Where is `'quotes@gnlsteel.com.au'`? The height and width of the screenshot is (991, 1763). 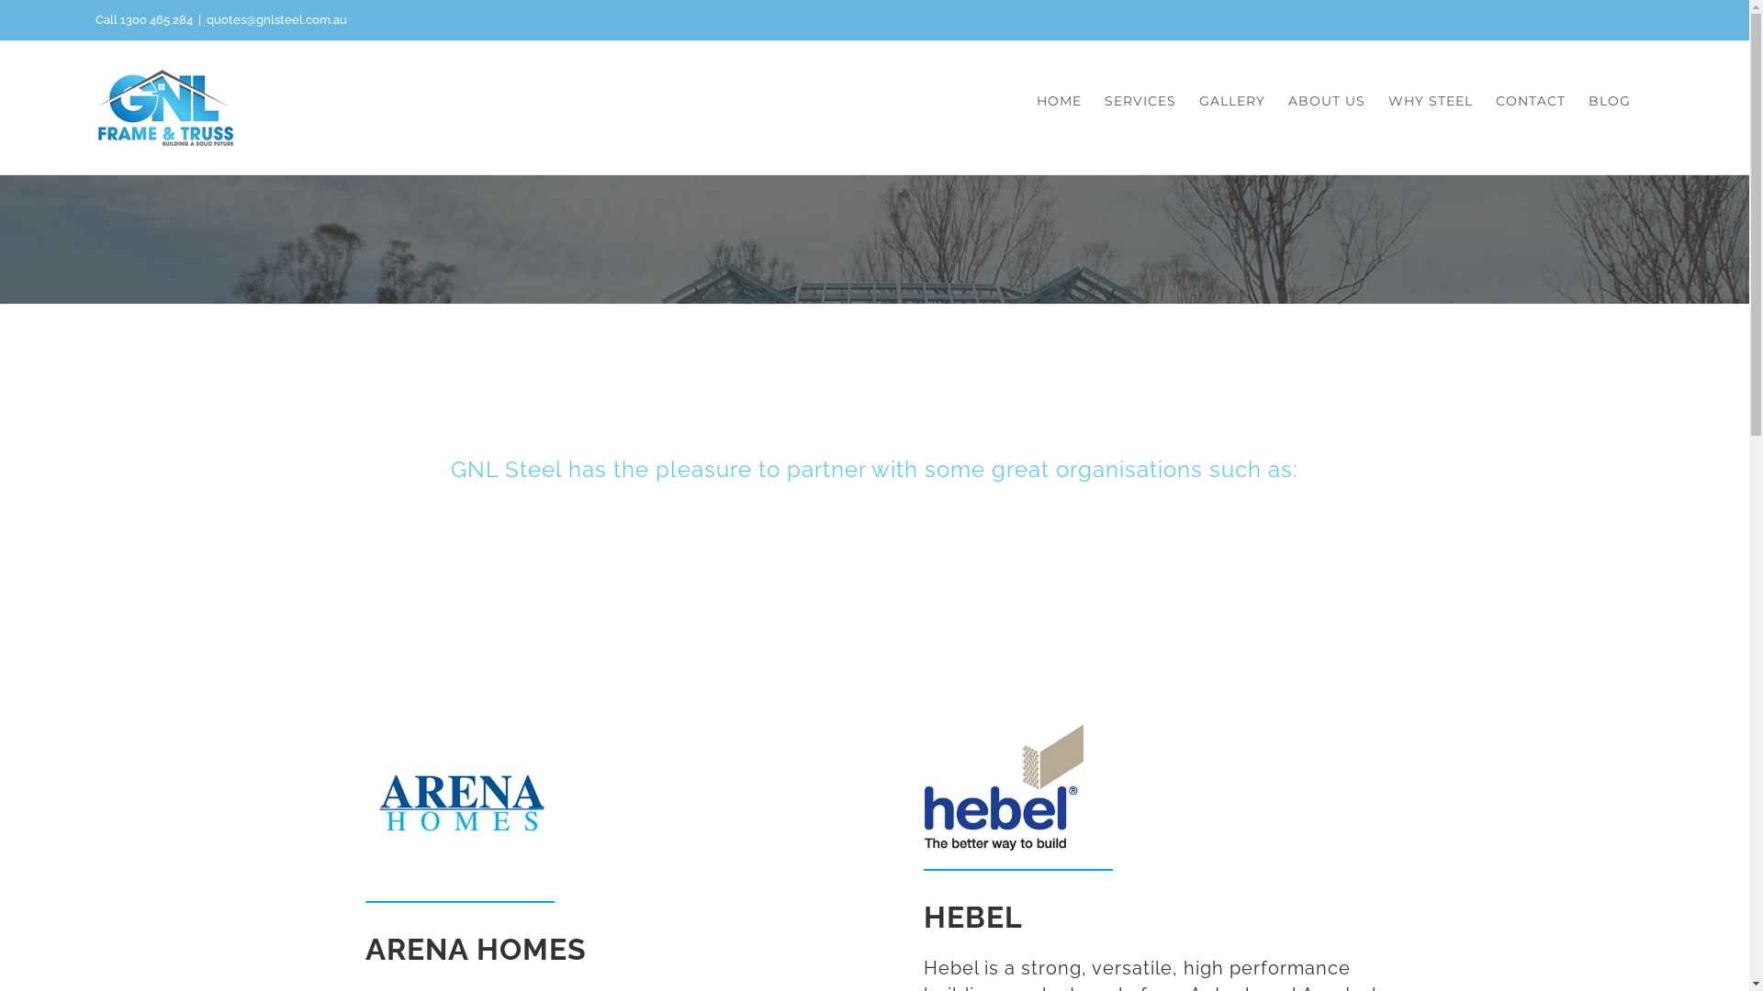
'quotes@gnlsteel.com.au' is located at coordinates (275, 19).